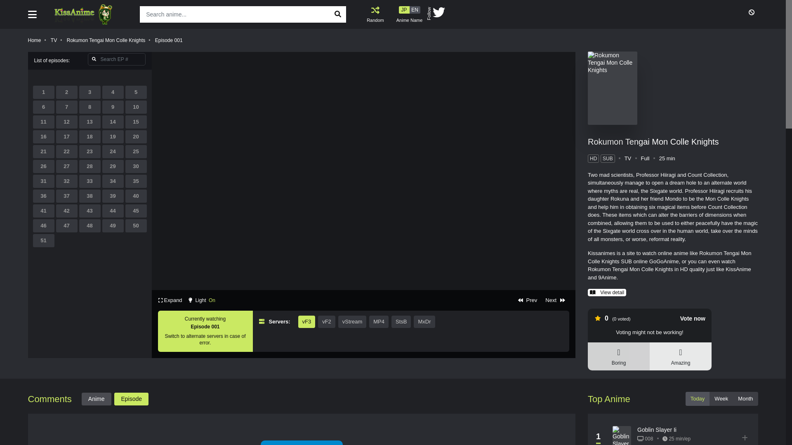 This screenshot has width=792, height=445. Describe the element at coordinates (43, 106) in the screenshot. I see `'6'` at that location.